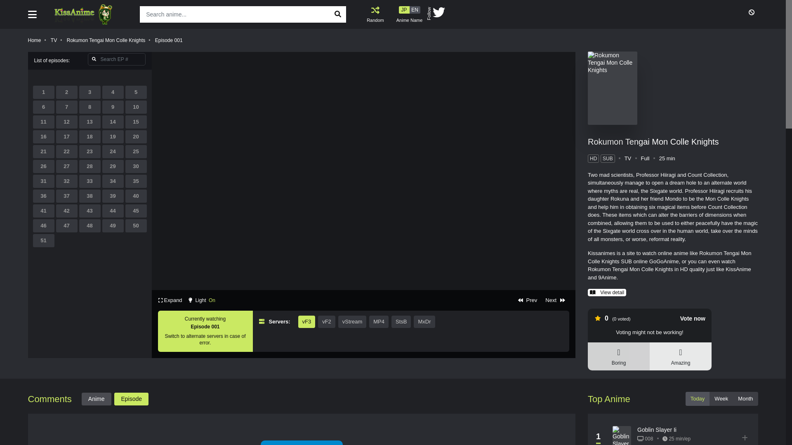 This screenshot has width=792, height=445. Describe the element at coordinates (43, 106) in the screenshot. I see `'6'` at that location.